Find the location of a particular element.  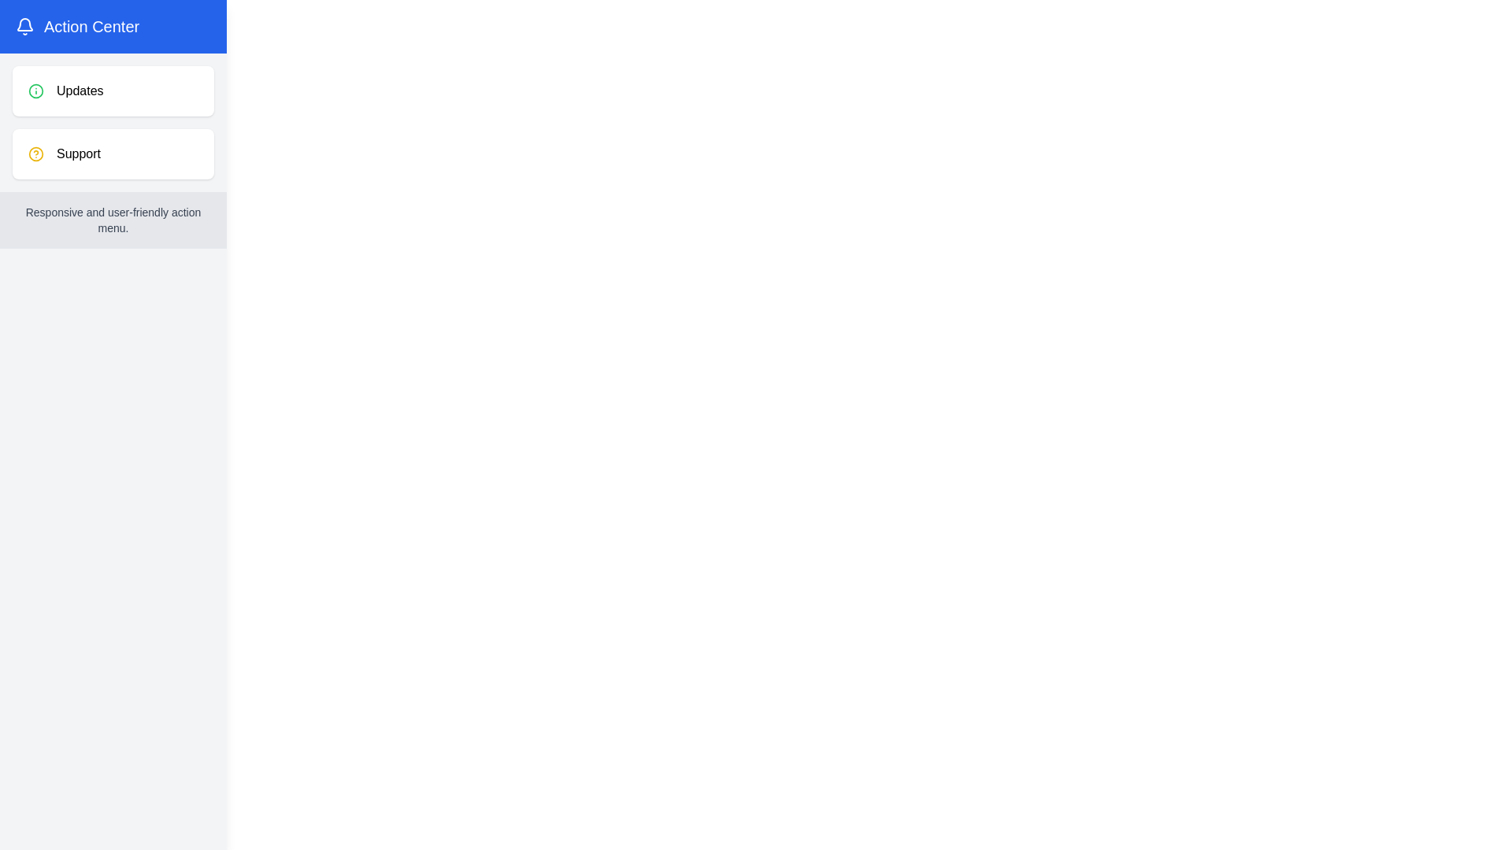

the 'Updates' item in the Action Center is located at coordinates (113, 91).